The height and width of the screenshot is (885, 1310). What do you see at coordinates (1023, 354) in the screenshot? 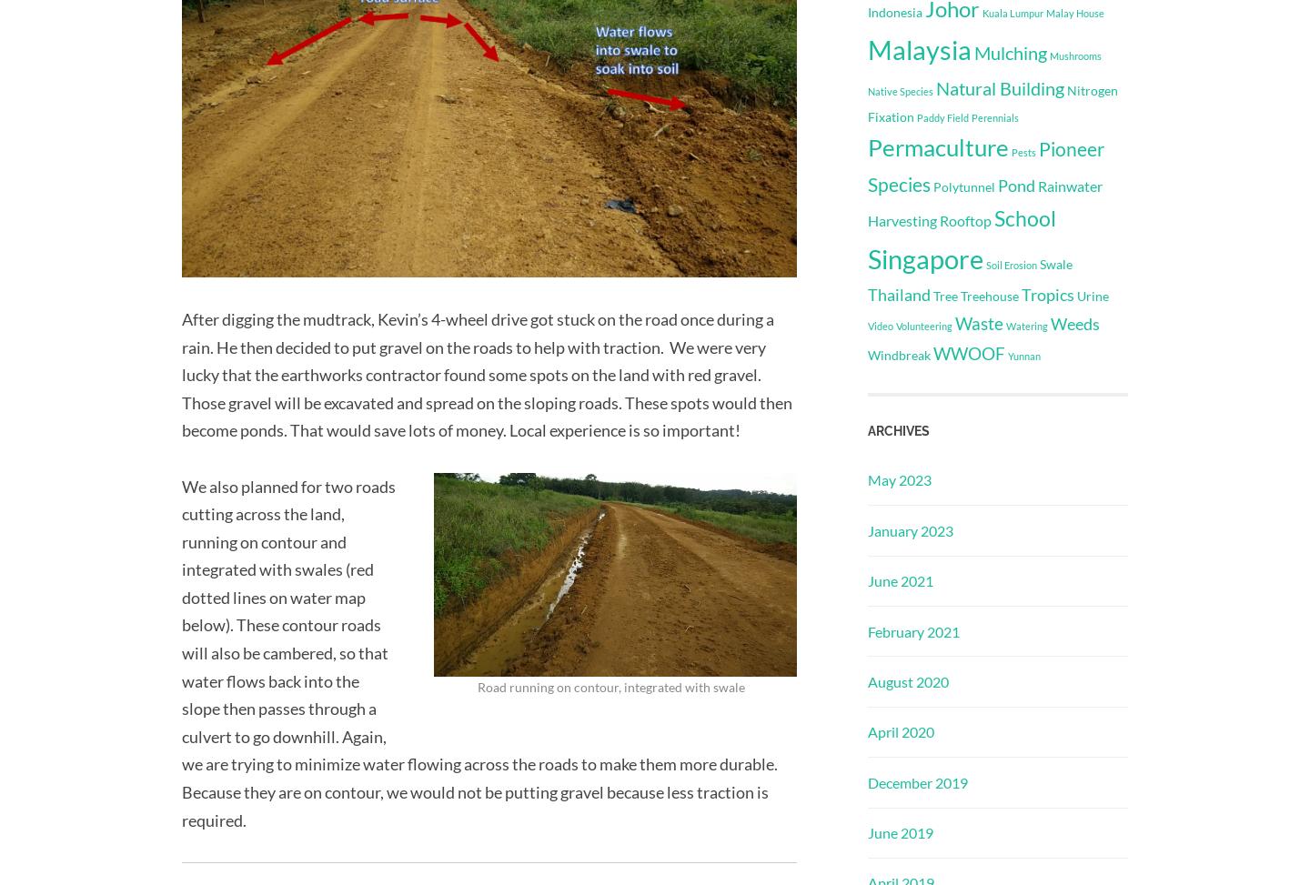
I see `'Yunnan'` at bounding box center [1023, 354].